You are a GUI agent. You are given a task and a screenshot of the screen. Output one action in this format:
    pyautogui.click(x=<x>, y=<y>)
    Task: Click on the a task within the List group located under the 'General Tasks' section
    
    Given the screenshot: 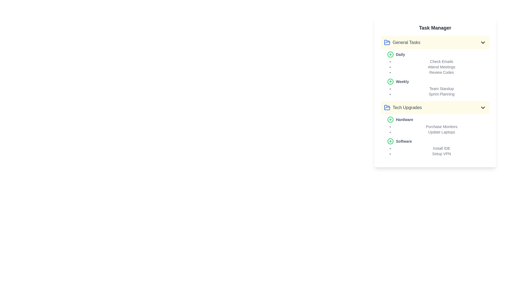 What is the action you would take?
    pyautogui.click(x=435, y=74)
    